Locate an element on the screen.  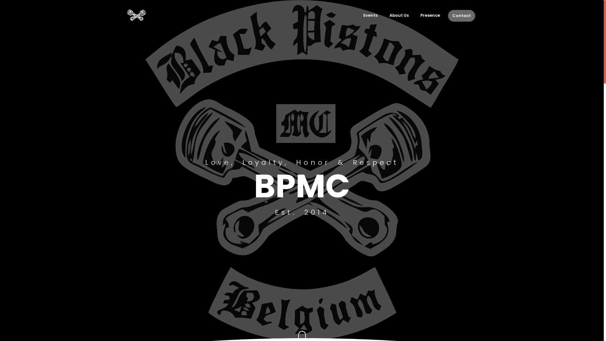
'Presence' is located at coordinates (430, 15).